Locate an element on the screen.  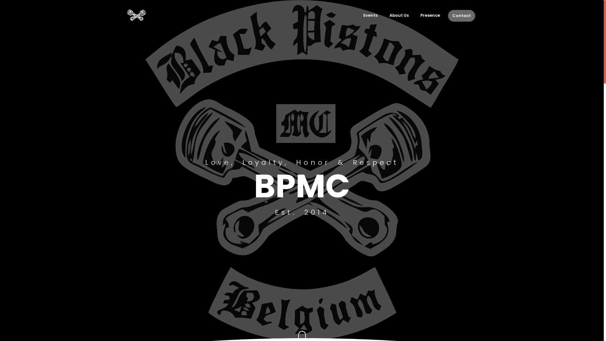
'Presence' is located at coordinates (430, 15).